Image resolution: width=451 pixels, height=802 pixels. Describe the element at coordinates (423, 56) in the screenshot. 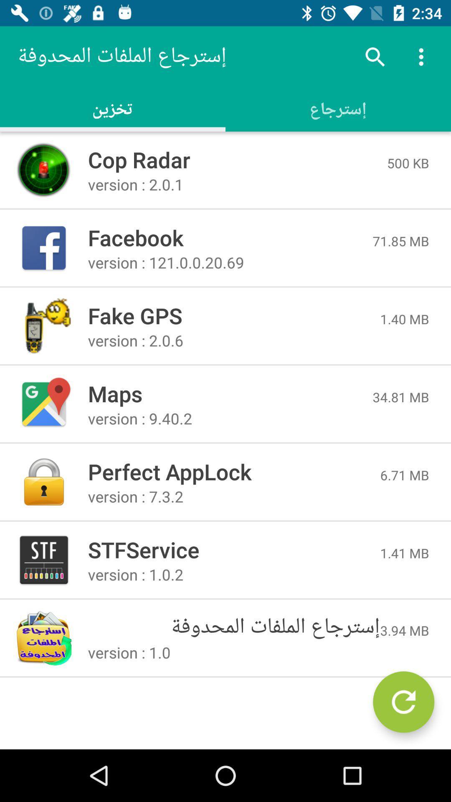

I see `the icon above 500 kb item` at that location.